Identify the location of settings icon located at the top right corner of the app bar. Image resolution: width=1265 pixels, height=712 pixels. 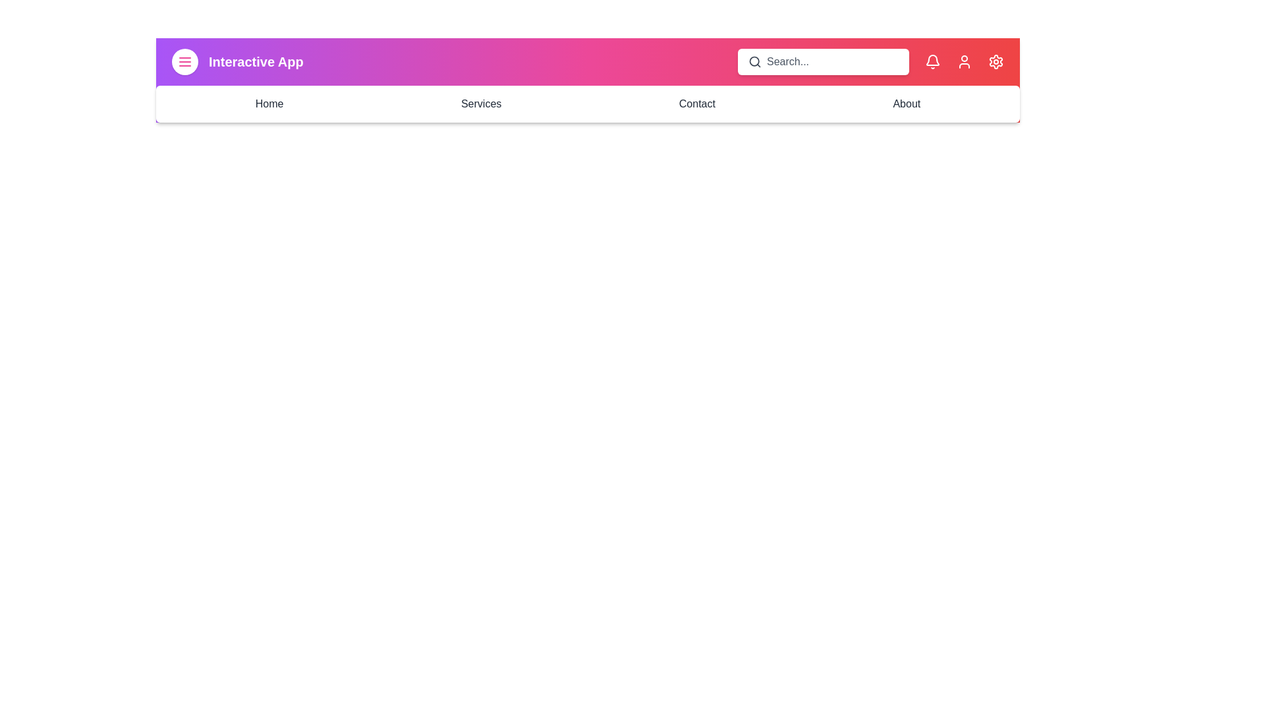
(996, 61).